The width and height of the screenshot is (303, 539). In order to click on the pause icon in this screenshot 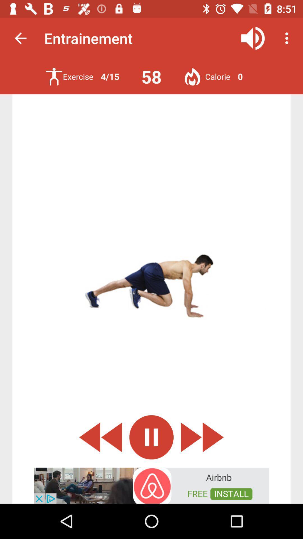, I will do `click(151, 437)`.